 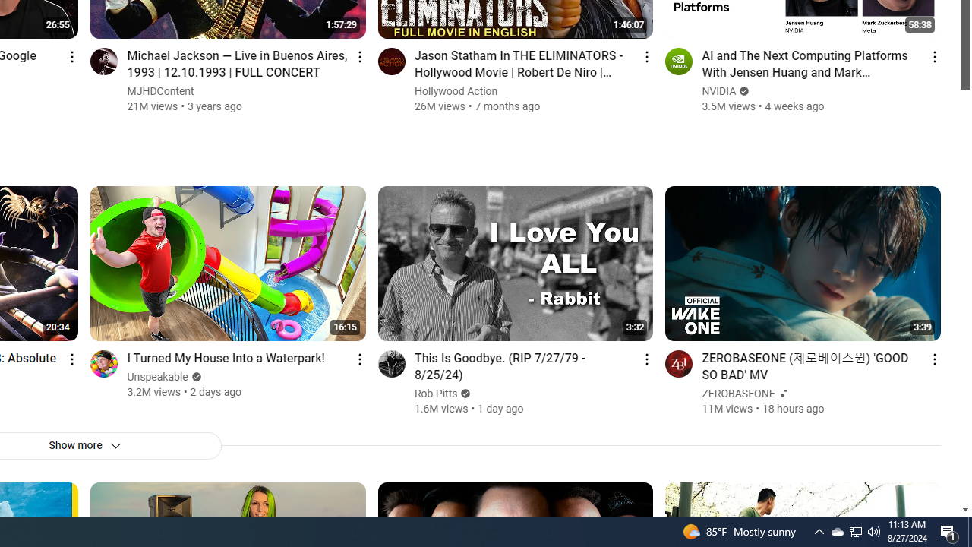 What do you see at coordinates (435, 393) in the screenshot?
I see `'Rob Pitts'` at bounding box center [435, 393].